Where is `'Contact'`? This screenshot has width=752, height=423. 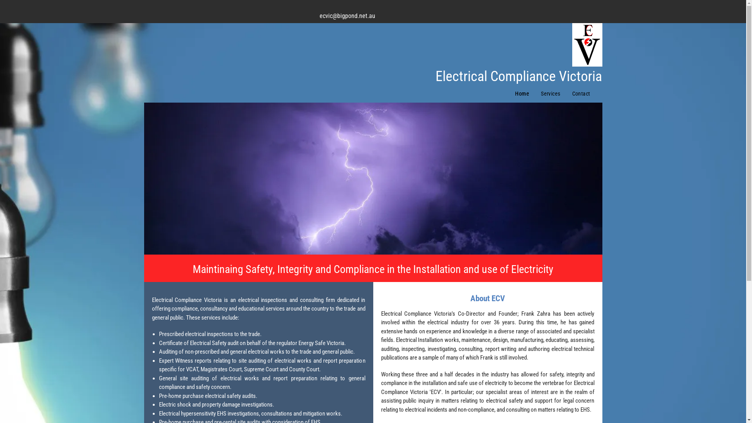 'Contact' is located at coordinates (581, 93).